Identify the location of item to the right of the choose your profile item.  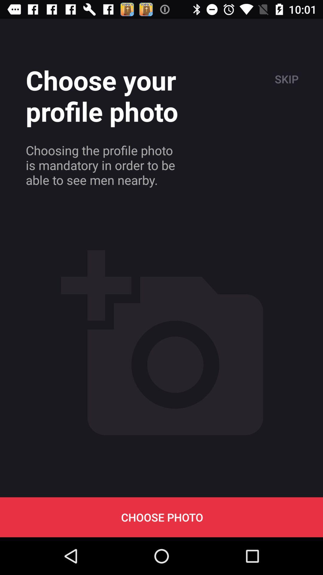
(286, 79).